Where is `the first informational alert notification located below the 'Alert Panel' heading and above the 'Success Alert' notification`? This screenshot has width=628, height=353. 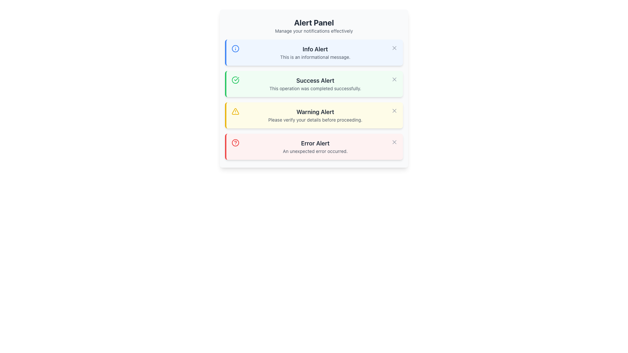
the first informational alert notification located below the 'Alert Panel' heading and above the 'Success Alert' notification is located at coordinates (314, 52).